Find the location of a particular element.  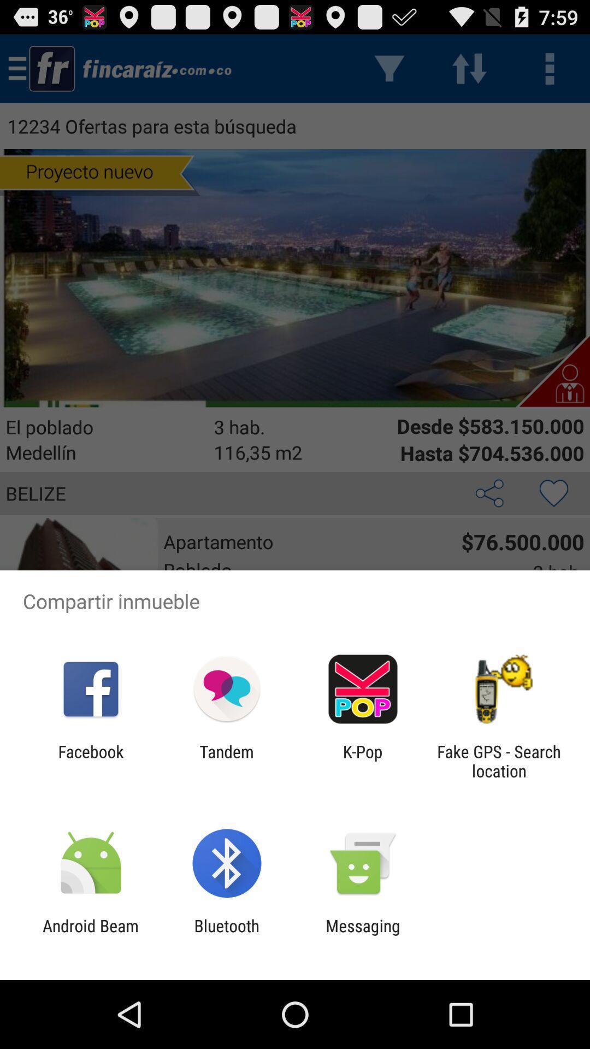

the app to the right of bluetooth app is located at coordinates (363, 935).